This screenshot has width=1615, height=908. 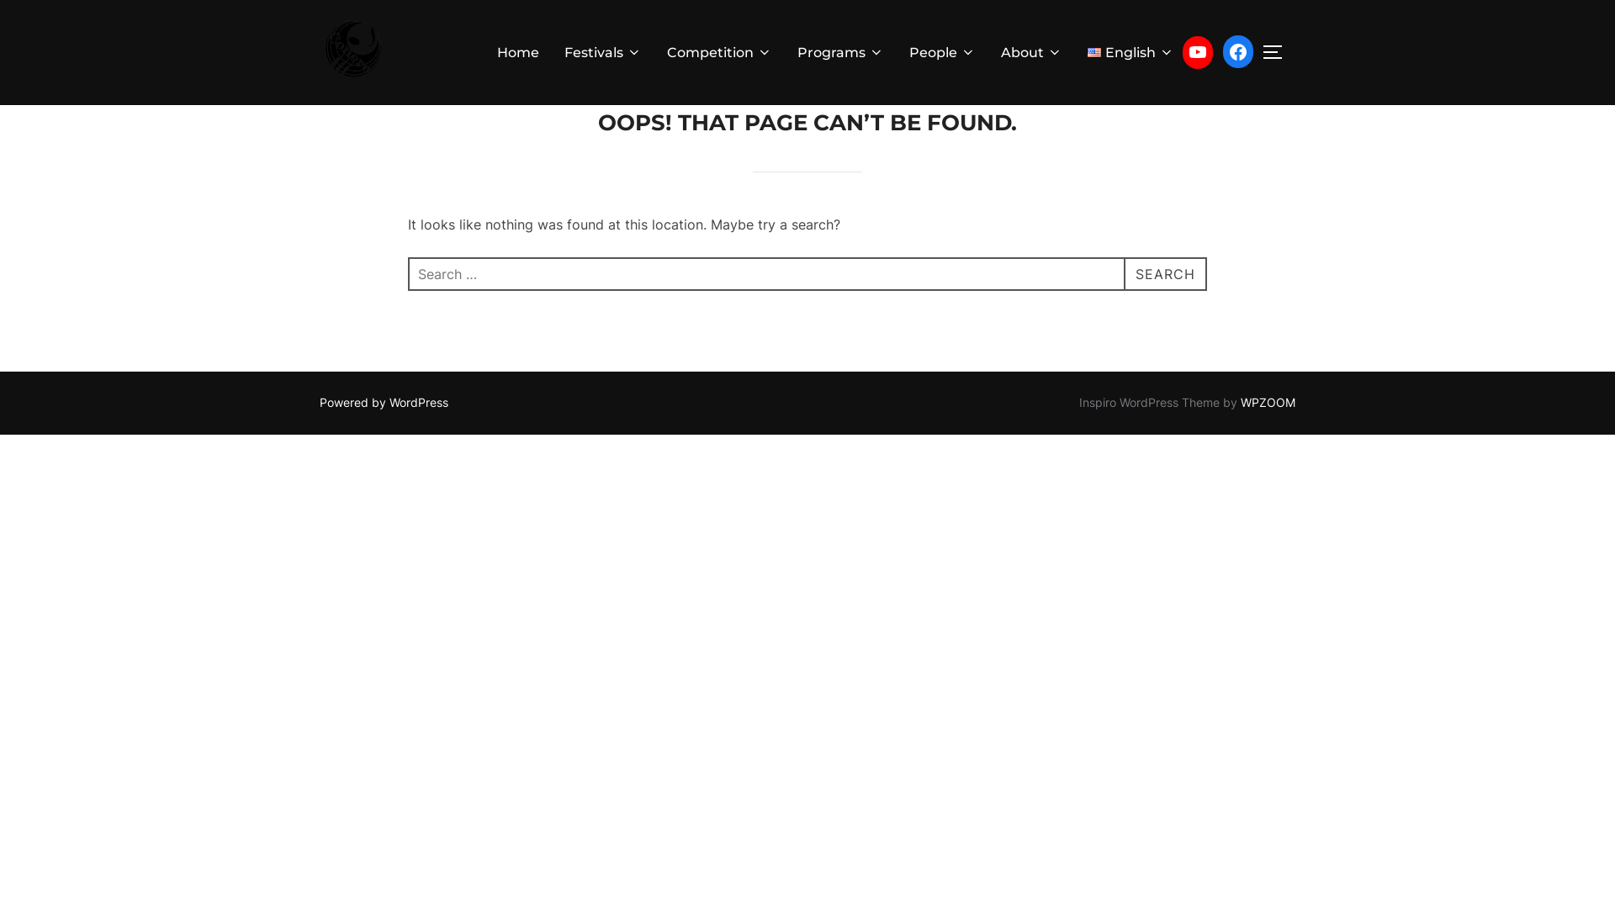 What do you see at coordinates (1279, 50) in the screenshot?
I see `'TOGGLE SIDEBAR & NAVIGATION'` at bounding box center [1279, 50].